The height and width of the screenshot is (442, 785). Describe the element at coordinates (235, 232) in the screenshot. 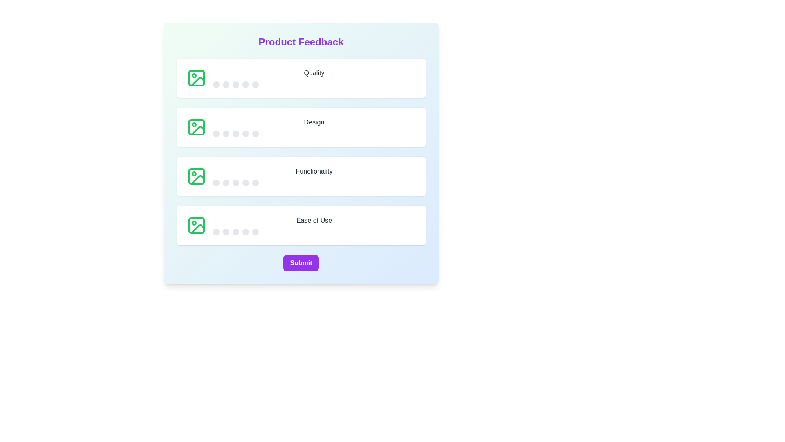

I see `the star corresponding to 3 stars for the 'Ease of Use' category` at that location.